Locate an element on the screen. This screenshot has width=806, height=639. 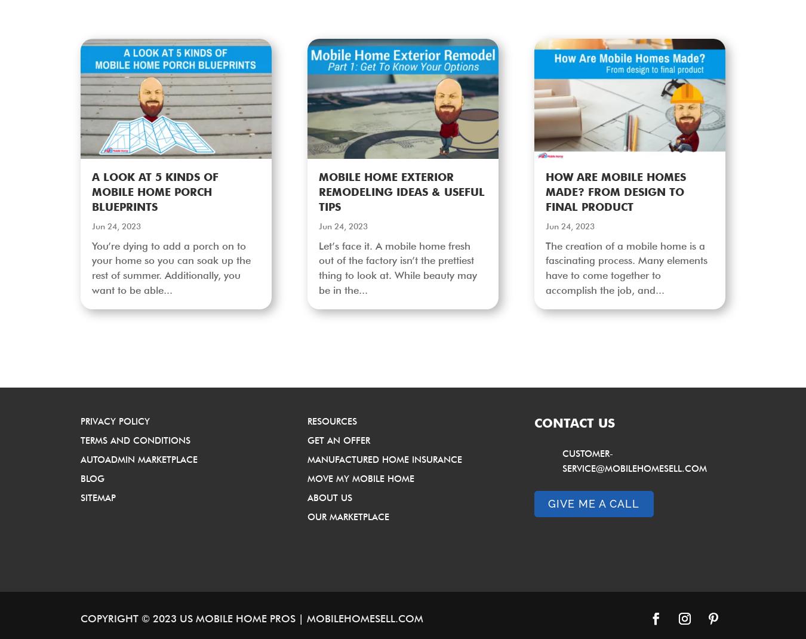
'Our Marketplace' is located at coordinates (306, 517).